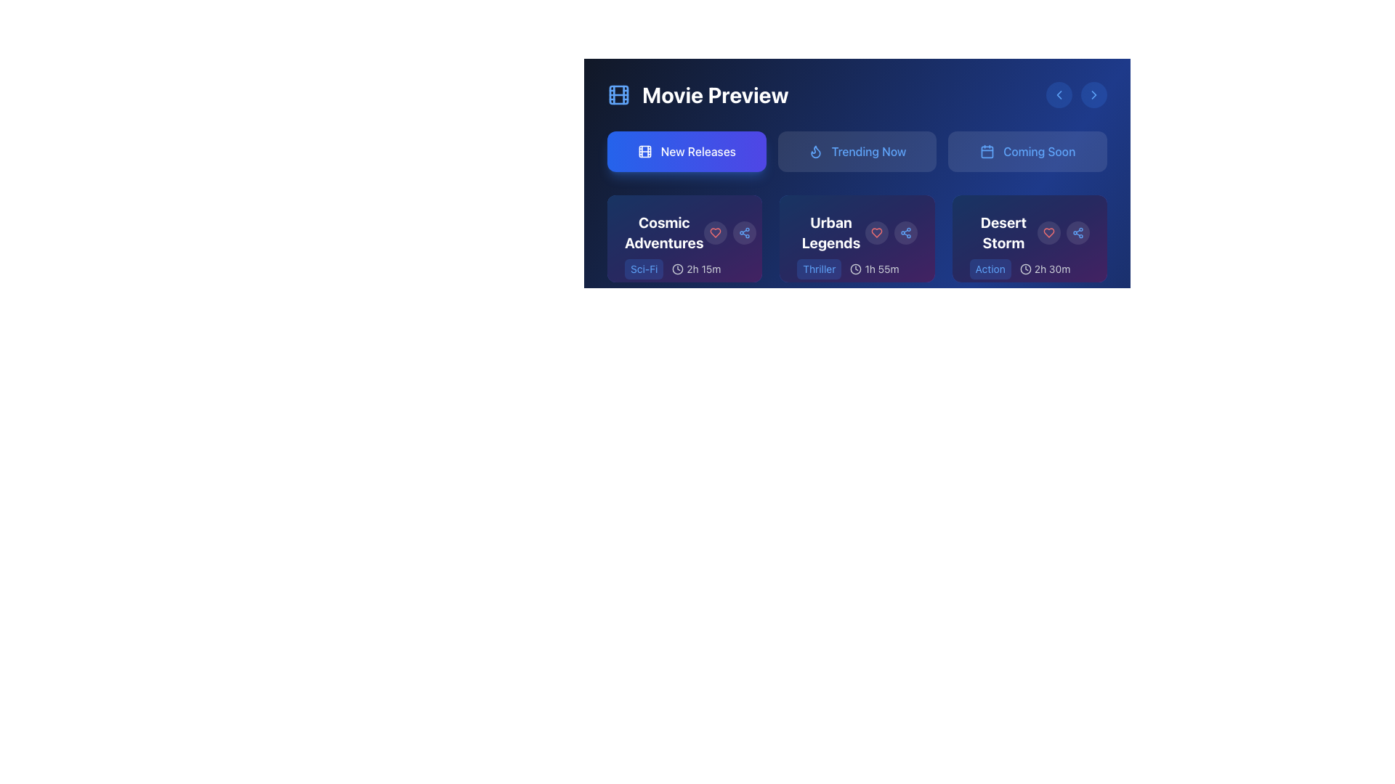 Image resolution: width=1395 pixels, height=784 pixels. I want to click on the SVG icon representing 'trending' located to the left of the 'Trending Now' button in the navigation bar, so click(815, 151).